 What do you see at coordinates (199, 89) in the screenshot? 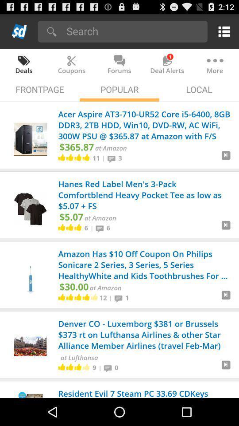
I see `item to the right of popular` at bounding box center [199, 89].